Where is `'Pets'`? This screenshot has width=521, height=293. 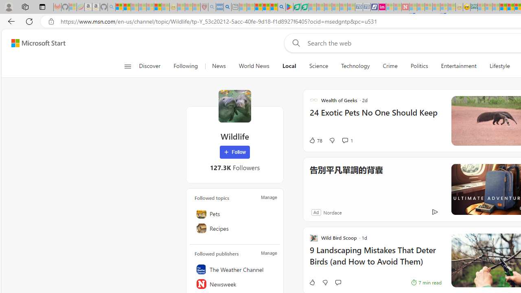 'Pets' is located at coordinates (234, 213).